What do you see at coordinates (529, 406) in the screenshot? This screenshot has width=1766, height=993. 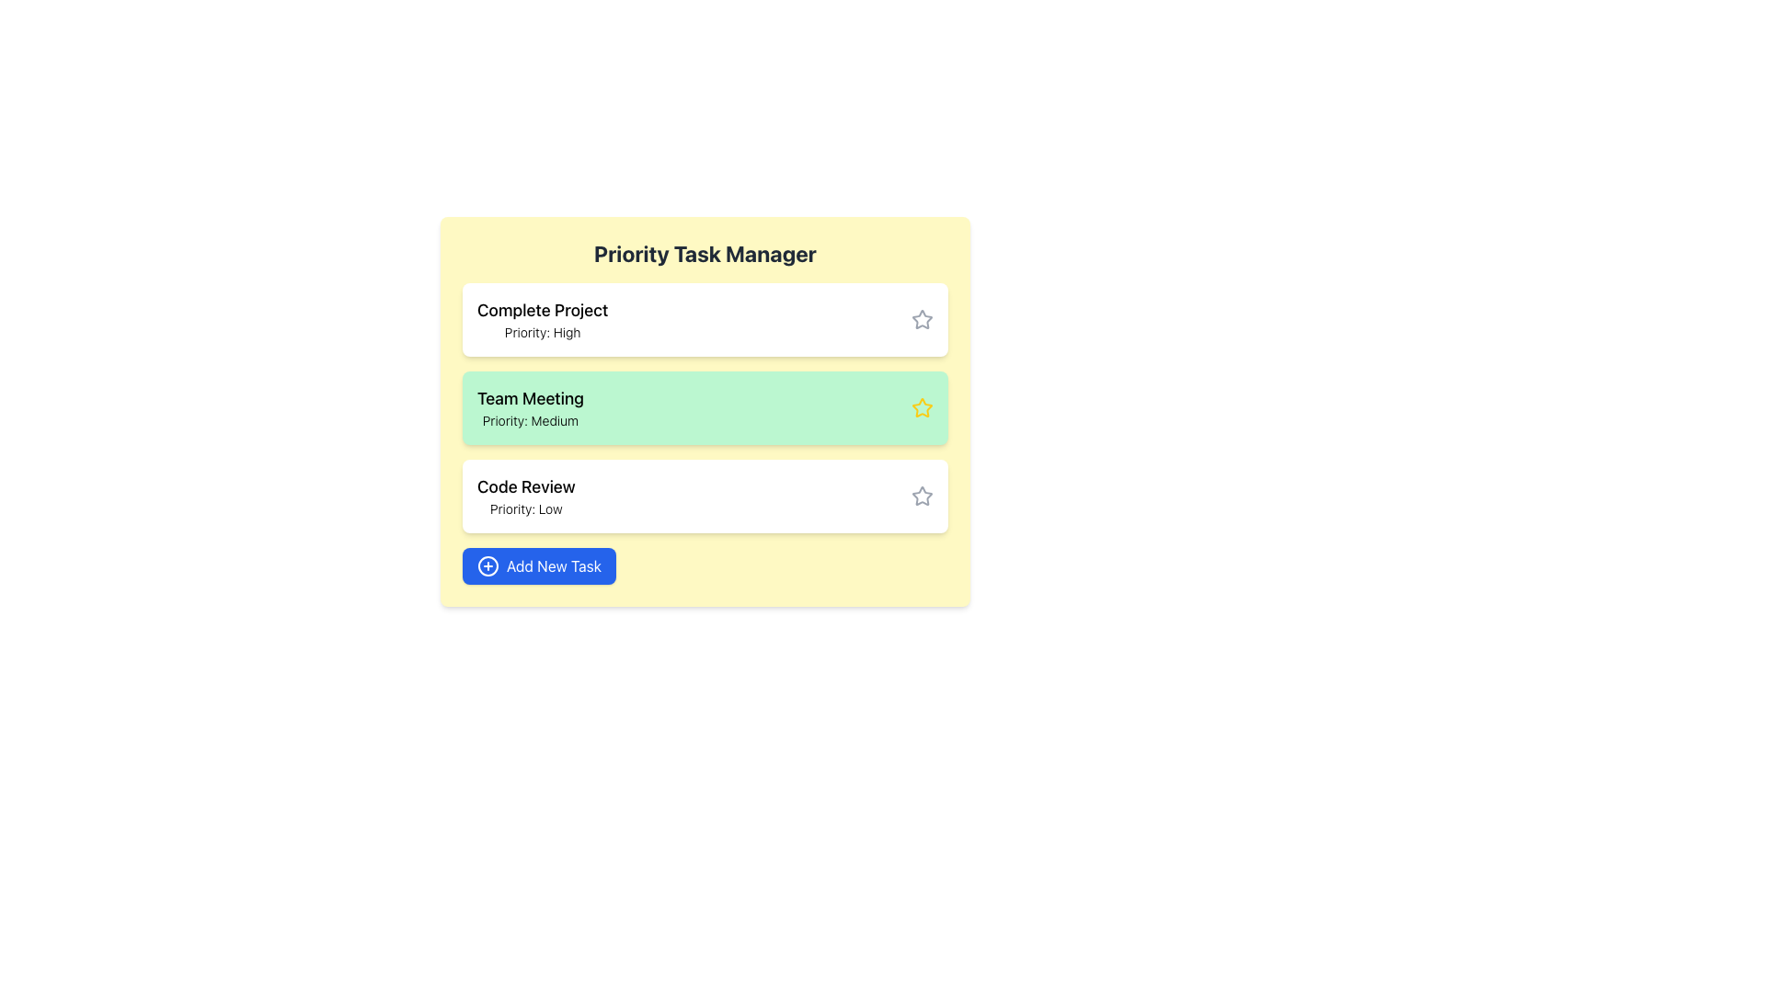 I see `the static text display element that shows 'Team Meeting' in bold font, located in the second task item of the Priority Task Manager interface` at bounding box center [529, 406].